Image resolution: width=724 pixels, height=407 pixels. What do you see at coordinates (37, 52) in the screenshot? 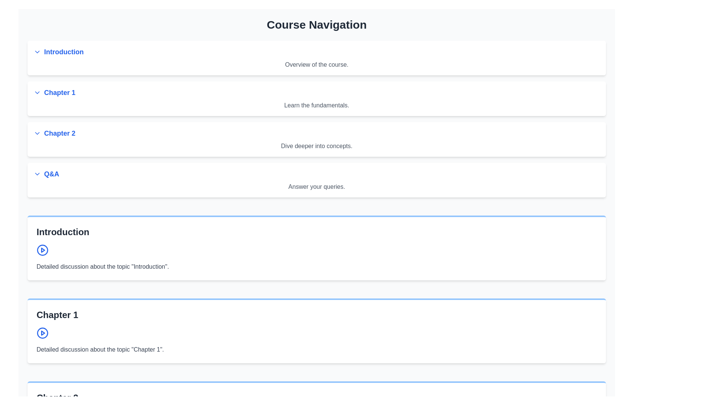
I see `the SVG Icon representing a chevron-down located to the left of the 'Introduction' section header for visual feedback` at bounding box center [37, 52].